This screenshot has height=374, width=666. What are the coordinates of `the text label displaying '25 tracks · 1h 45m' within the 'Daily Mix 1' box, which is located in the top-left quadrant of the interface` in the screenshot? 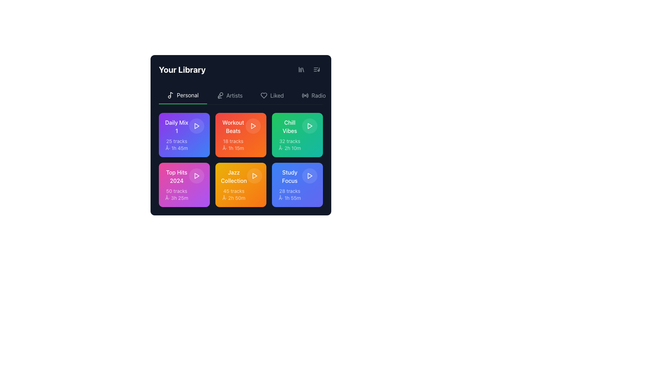 It's located at (177, 144).